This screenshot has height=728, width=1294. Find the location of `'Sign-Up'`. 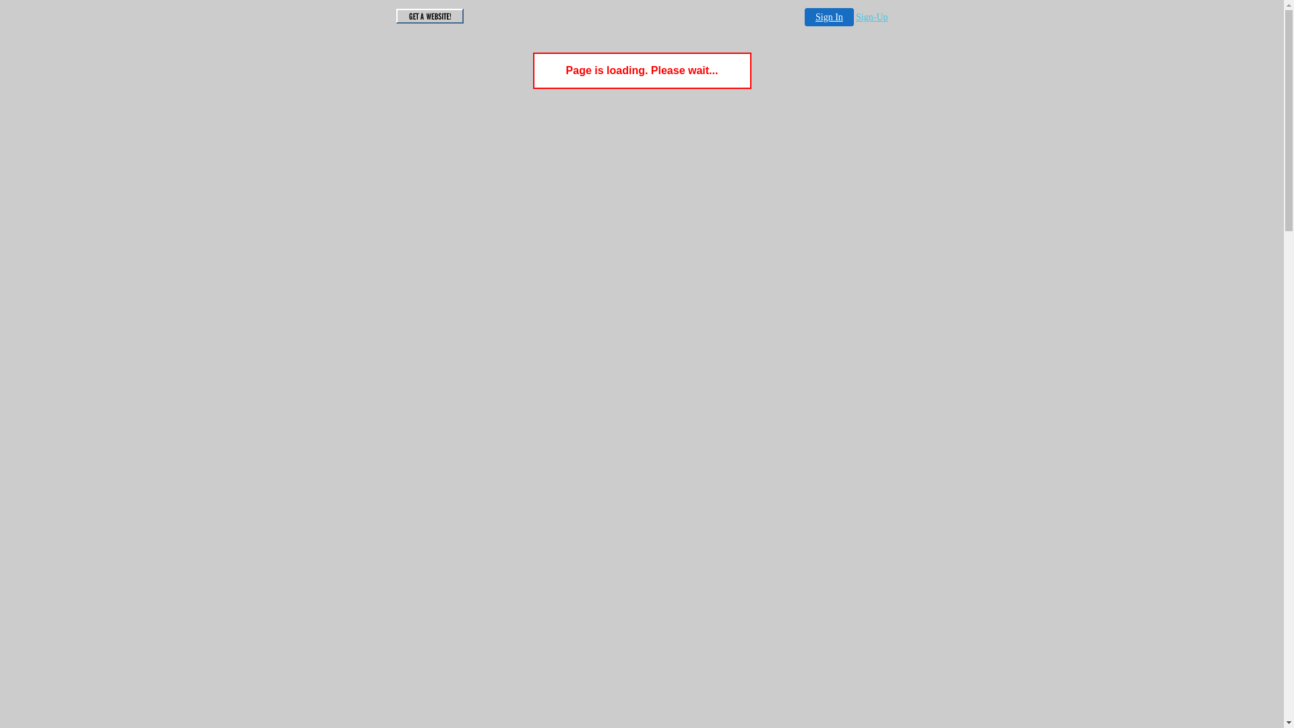

'Sign-Up' is located at coordinates (855, 17).